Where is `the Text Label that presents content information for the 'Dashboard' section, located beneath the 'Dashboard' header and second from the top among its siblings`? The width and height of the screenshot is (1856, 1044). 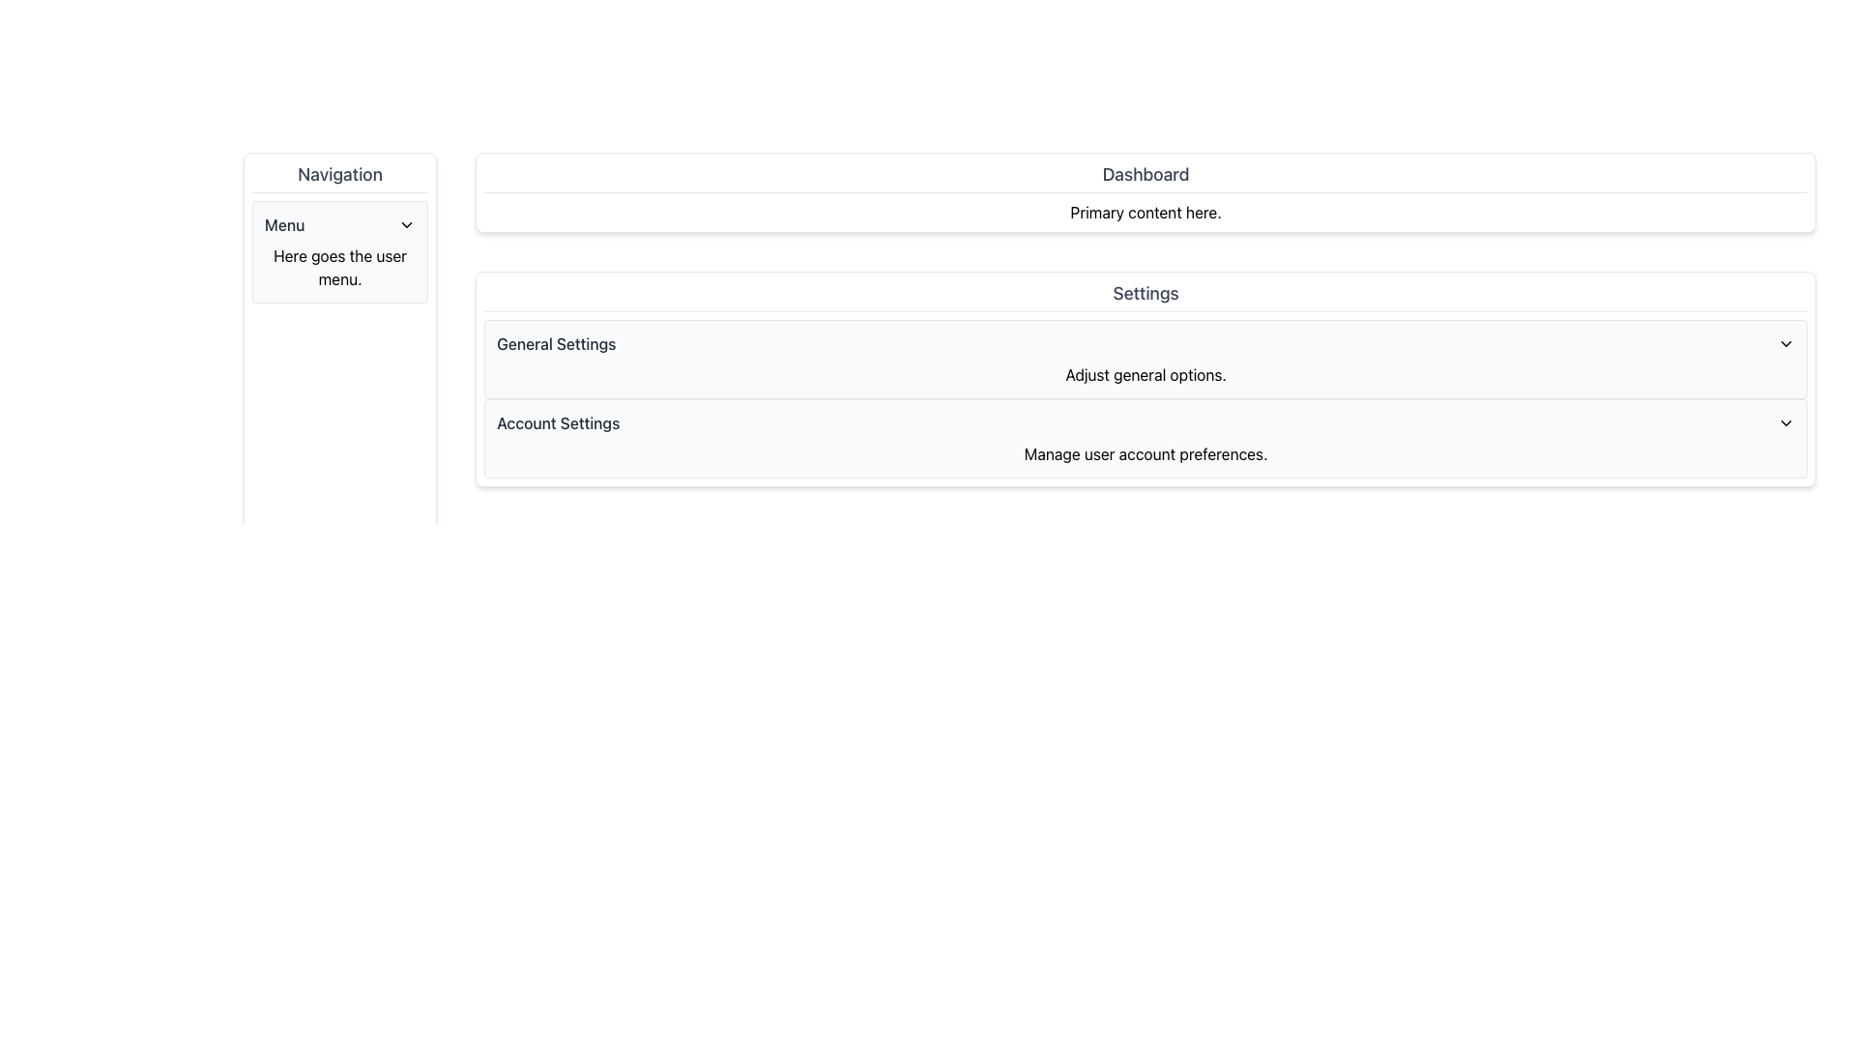 the Text Label that presents content information for the 'Dashboard' section, located beneath the 'Dashboard' header and second from the top among its siblings is located at coordinates (1145, 212).